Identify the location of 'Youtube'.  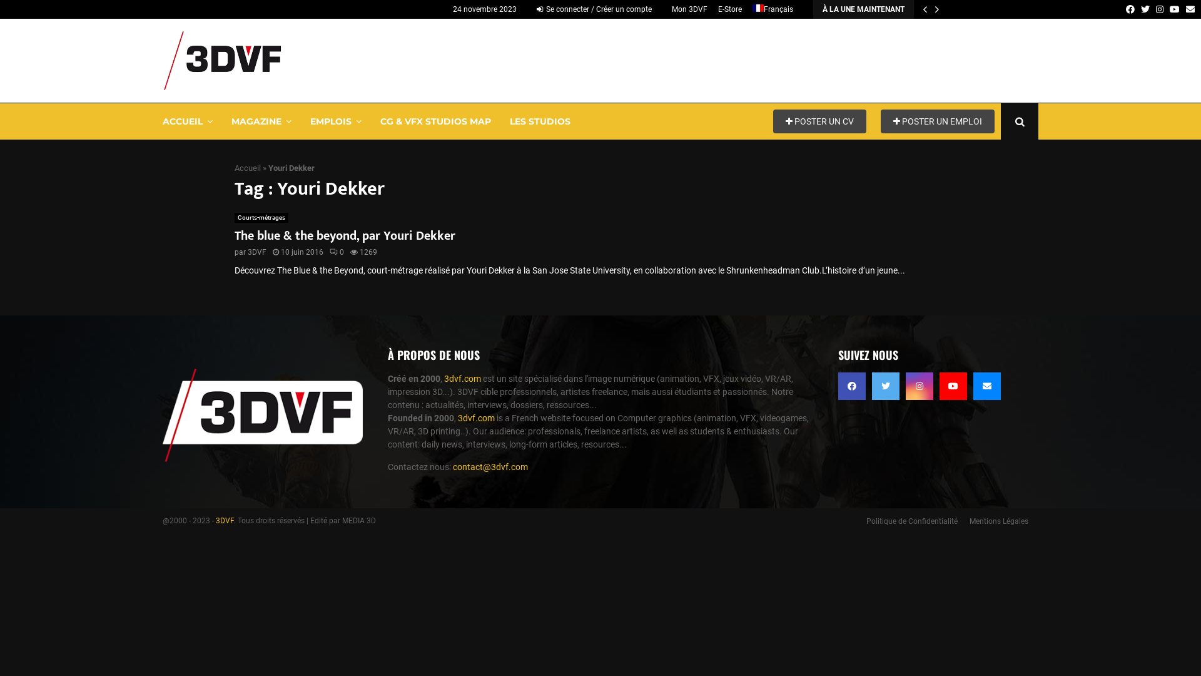
(940, 386).